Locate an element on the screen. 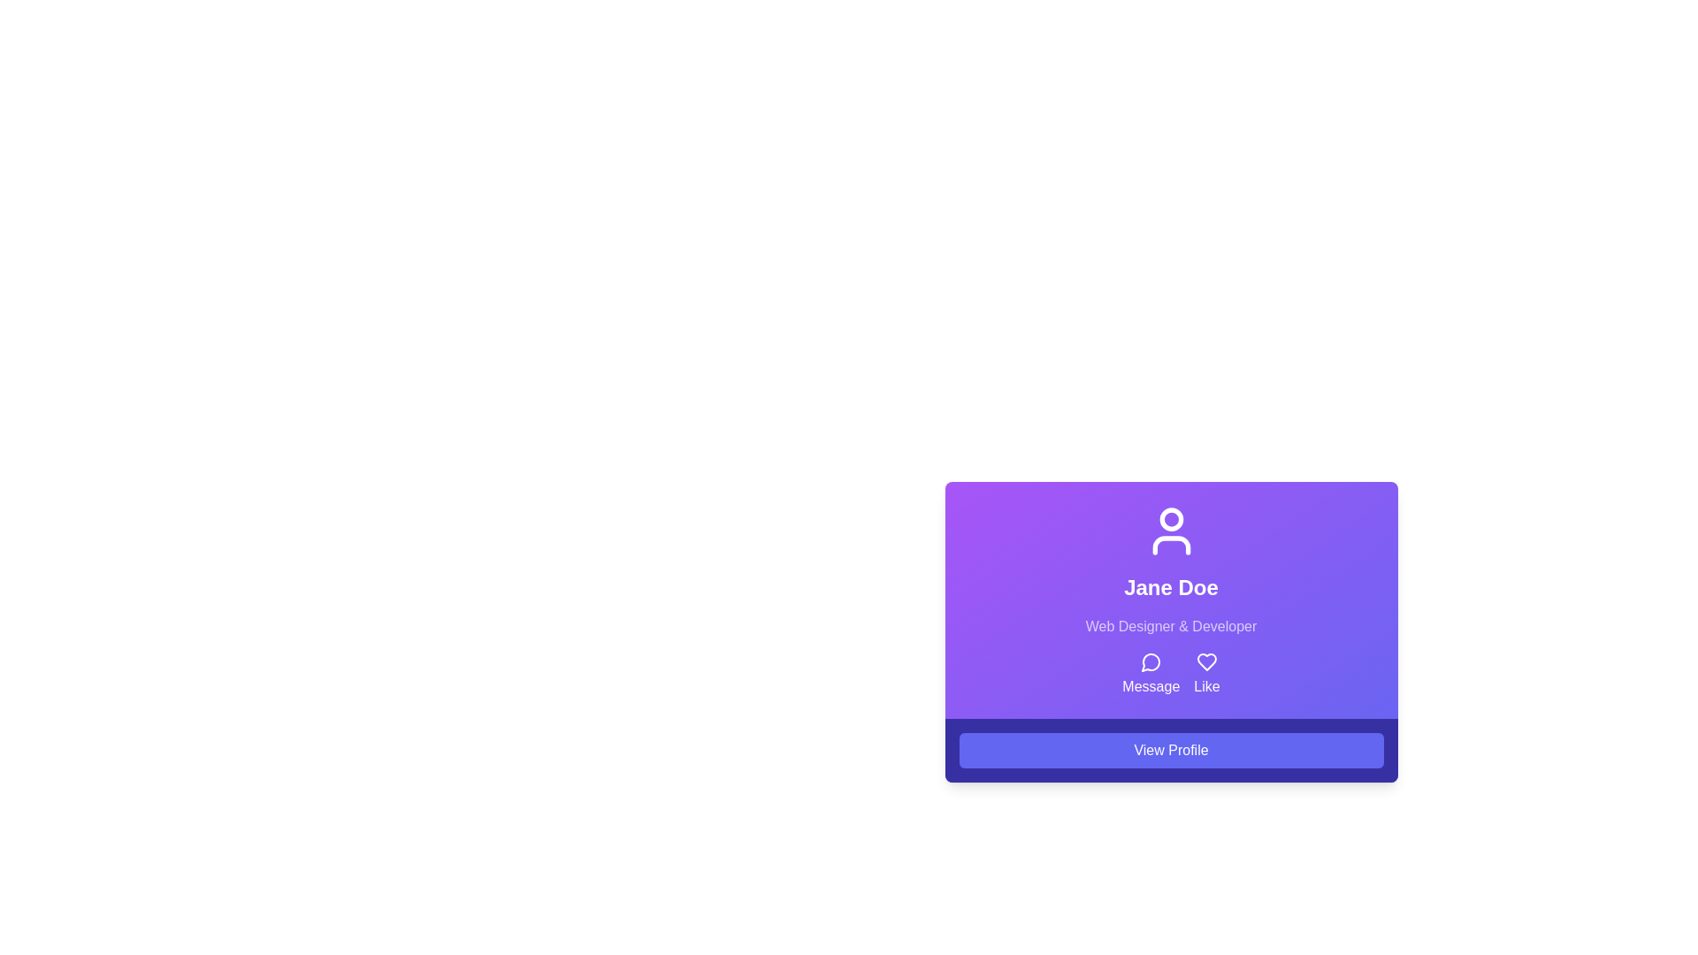 The height and width of the screenshot is (955, 1698). the user profile icon located centrally at the top of the profile card, above the text 'Jane Doe' is located at coordinates (1171, 531).